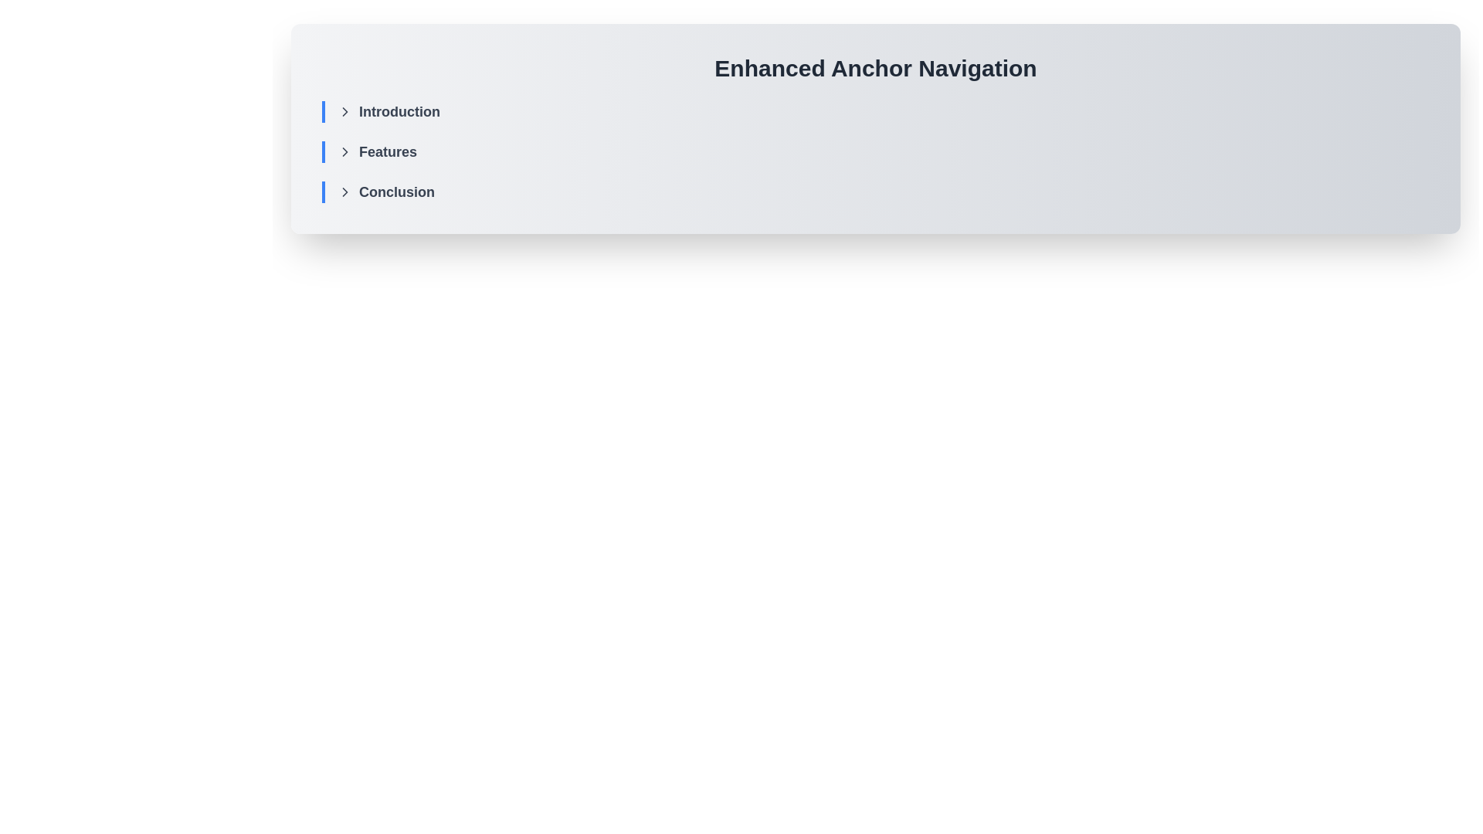  Describe the element at coordinates (344, 151) in the screenshot. I see `the Chevron icon located to the left of the 'Features' text label in the vertical navigation menu` at that location.